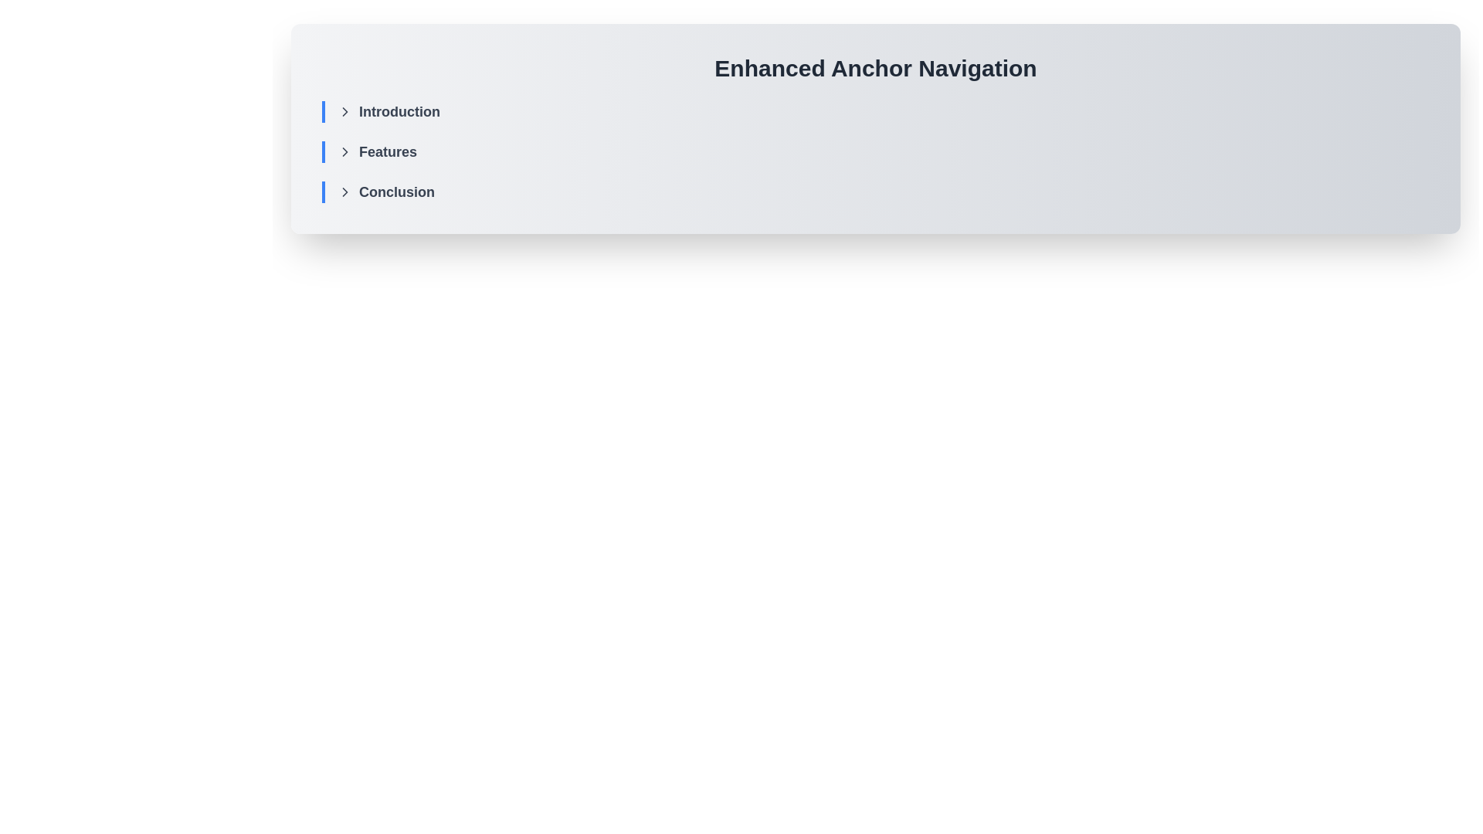  Describe the element at coordinates (344, 151) in the screenshot. I see `the Chevron icon located to the left of the 'Features' text label in the vertical navigation menu` at that location.